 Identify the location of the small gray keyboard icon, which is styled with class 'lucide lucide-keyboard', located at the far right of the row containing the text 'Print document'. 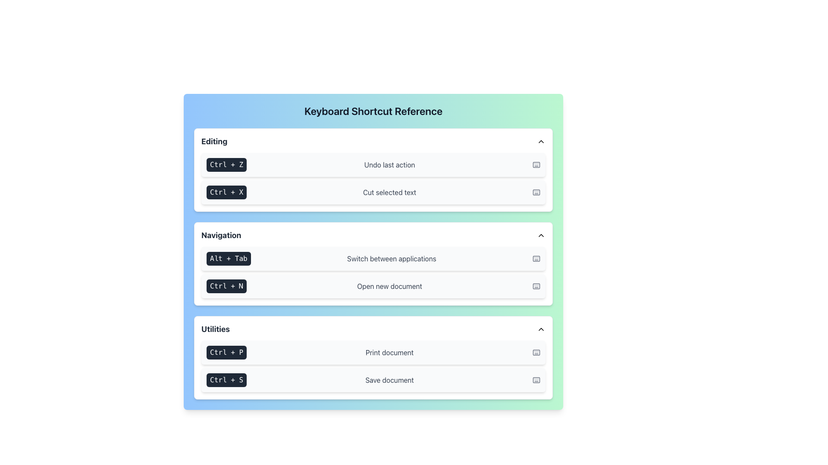
(536, 352).